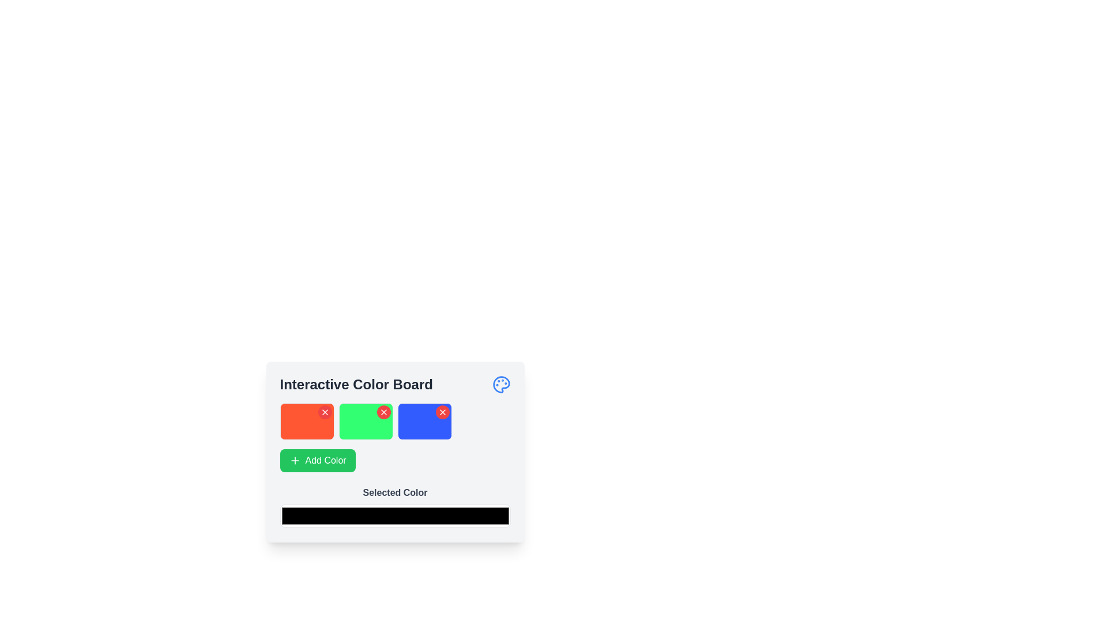  I want to click on the red circular button with a white 'X' icon inside, so click(442, 412).